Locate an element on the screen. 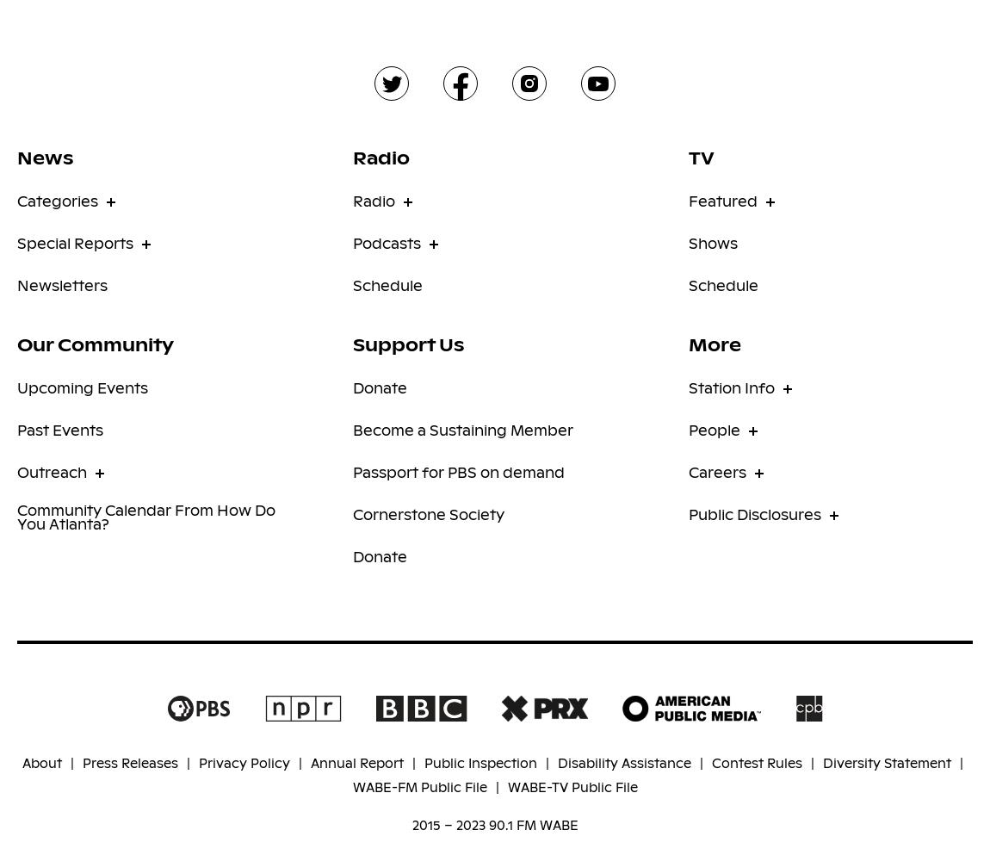 The width and height of the screenshot is (990, 855). '2015 – 2023 90.1 FM WABE' is located at coordinates (494, 825).